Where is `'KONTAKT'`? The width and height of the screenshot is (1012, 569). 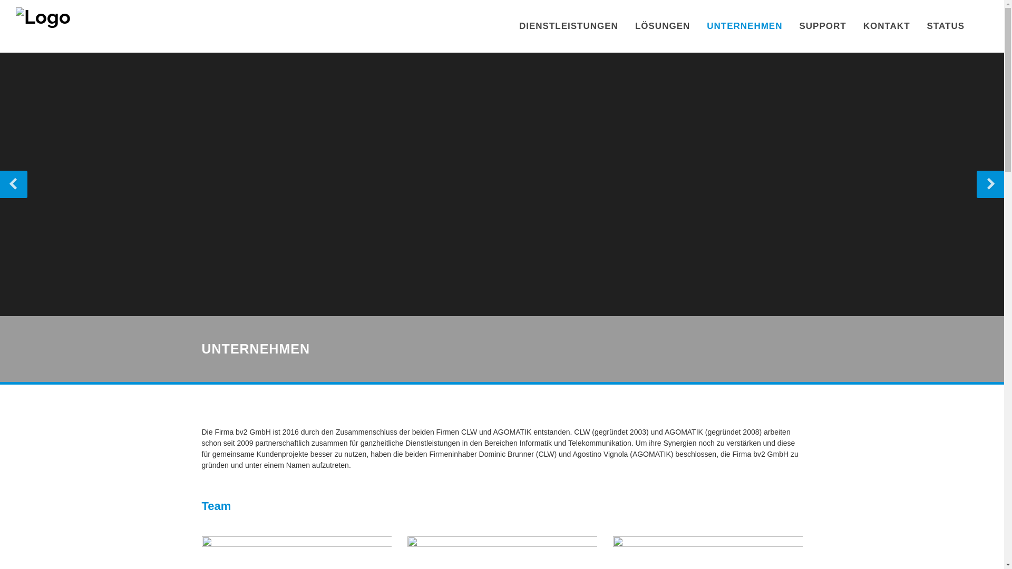
'KONTAKT' is located at coordinates (886, 26).